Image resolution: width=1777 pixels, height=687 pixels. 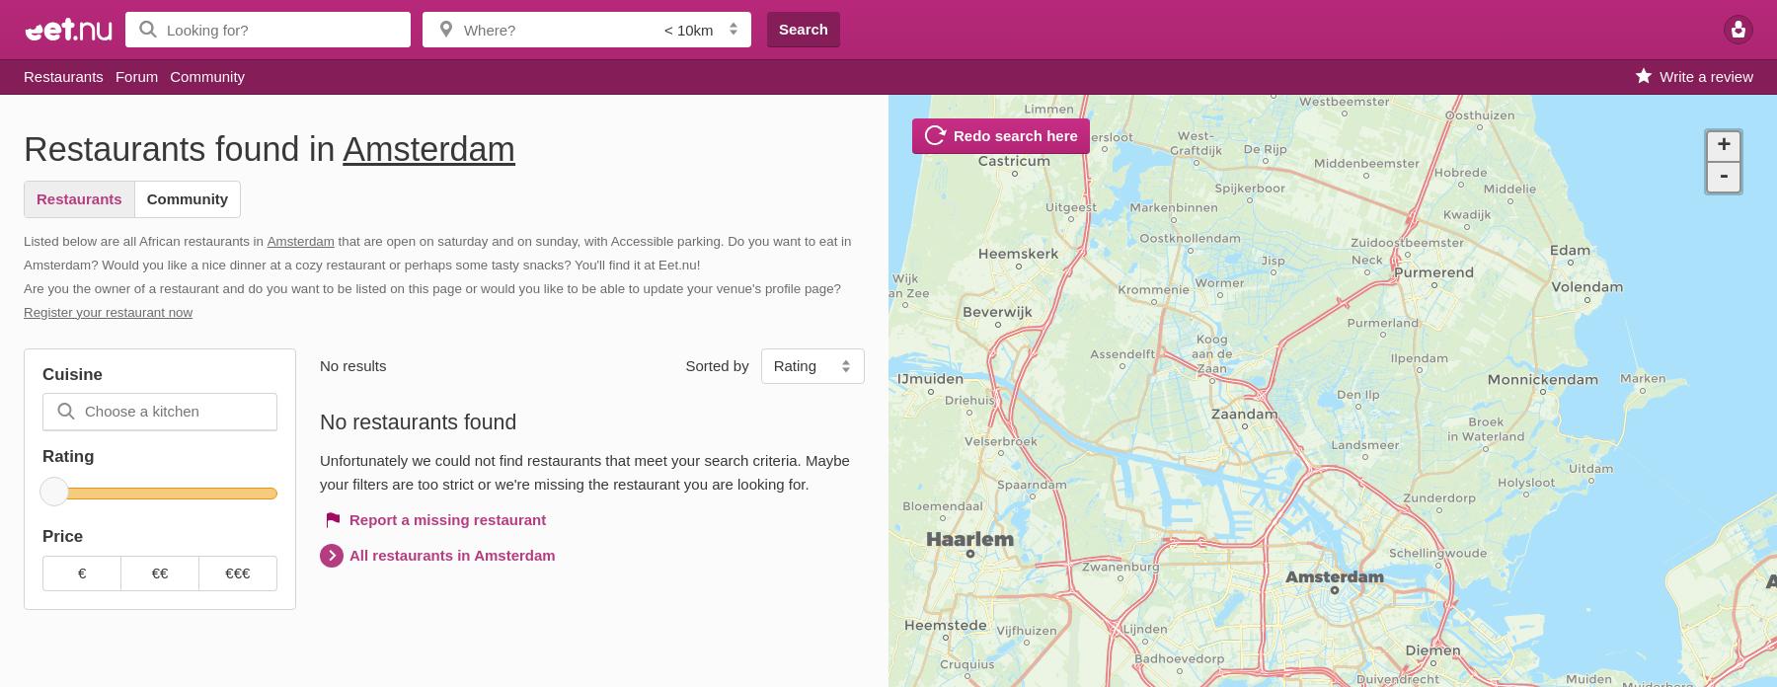 What do you see at coordinates (107, 310) in the screenshot?
I see `'Register your restaurant now'` at bounding box center [107, 310].